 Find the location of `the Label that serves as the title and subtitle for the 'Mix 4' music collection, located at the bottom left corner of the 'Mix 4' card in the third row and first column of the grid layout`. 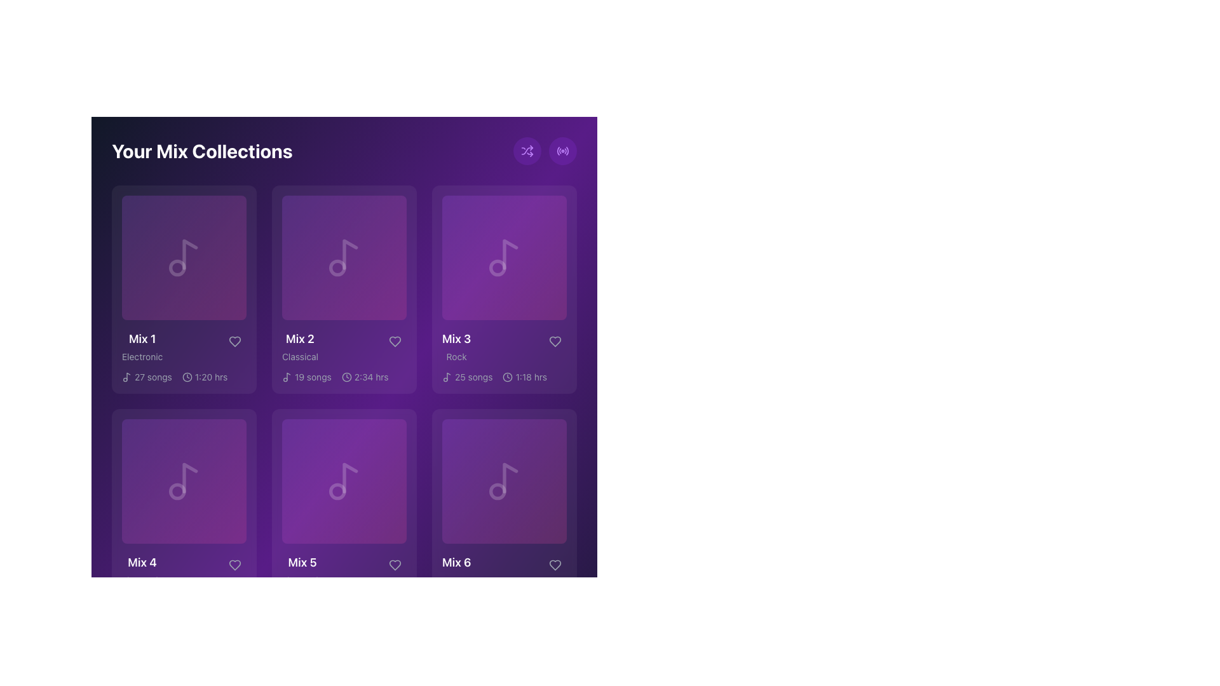

the Label that serves as the title and subtitle for the 'Mix 4' music collection, located at the bottom left corner of the 'Mix 4' card in the third row and first column of the grid layout is located at coordinates (142, 570).